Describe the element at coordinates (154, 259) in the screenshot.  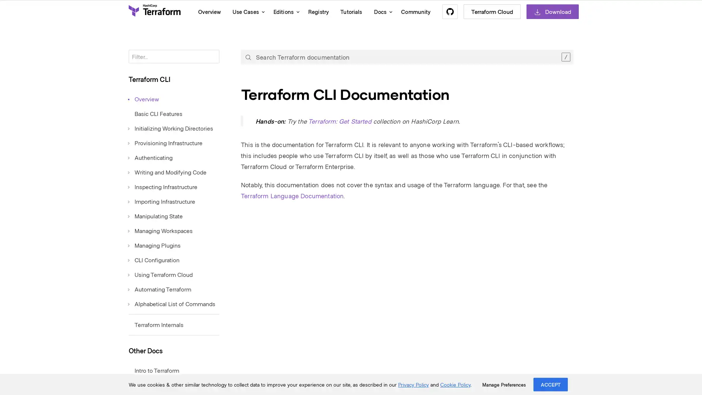
I see `CLI Configuration` at that location.